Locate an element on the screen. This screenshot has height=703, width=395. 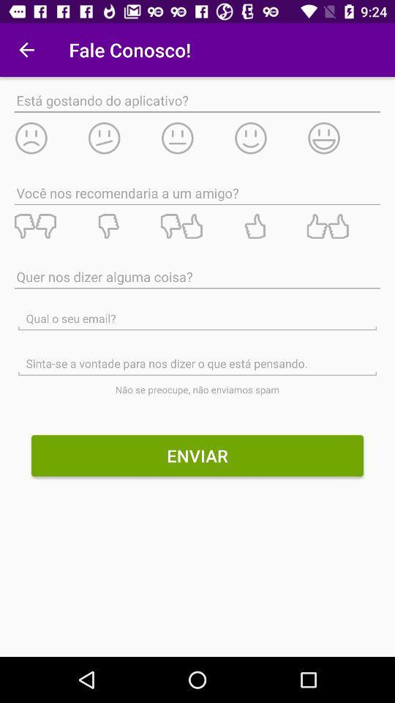
rate as neutral is located at coordinates (197, 138).